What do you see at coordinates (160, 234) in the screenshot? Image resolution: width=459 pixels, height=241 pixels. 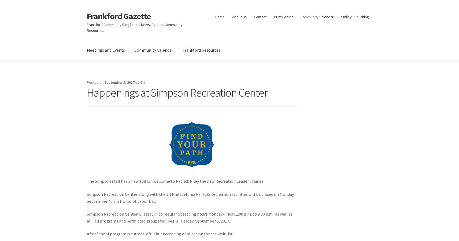 I see `'After School program is currently full but accepting application for the wait list.'` at bounding box center [160, 234].